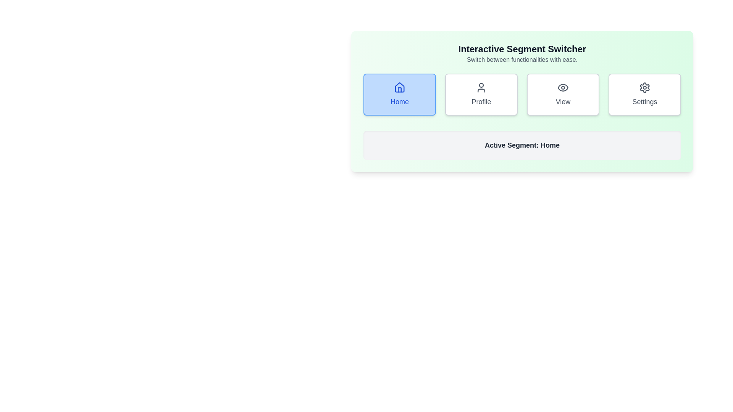 The height and width of the screenshot is (412, 733). I want to click on the 'Profile' button, which is a rectangular button with a light background and a gray border, located between the 'Home' and 'View' buttons, so click(481, 94).